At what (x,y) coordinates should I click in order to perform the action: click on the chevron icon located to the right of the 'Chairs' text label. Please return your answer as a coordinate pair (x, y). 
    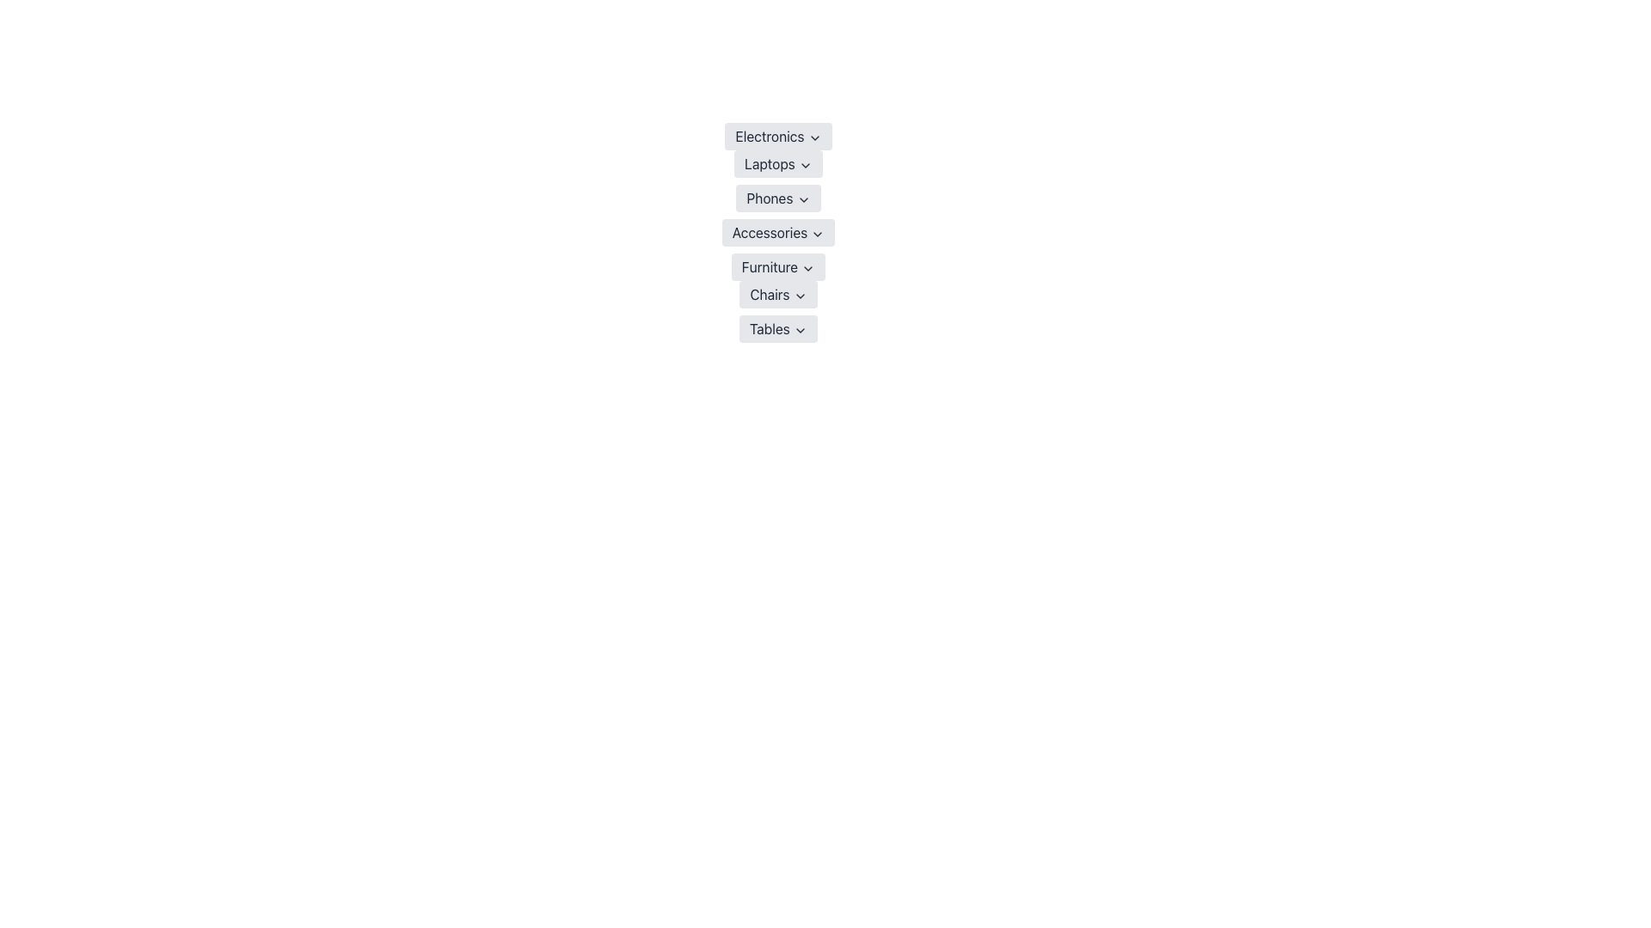
    Looking at the image, I should click on (799, 295).